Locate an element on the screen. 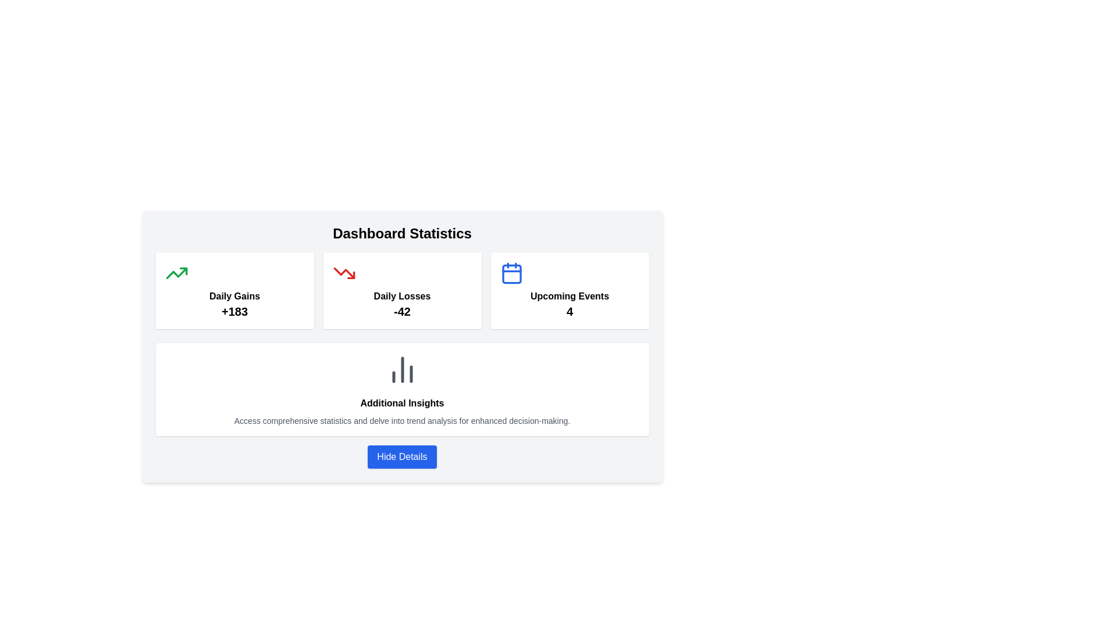 This screenshot has width=1117, height=628. the vertical bar chart icon located at the top center of the 'Additional Insights' section, which is rendered in dark gray and features three bars of varying heights is located at coordinates (402, 370).